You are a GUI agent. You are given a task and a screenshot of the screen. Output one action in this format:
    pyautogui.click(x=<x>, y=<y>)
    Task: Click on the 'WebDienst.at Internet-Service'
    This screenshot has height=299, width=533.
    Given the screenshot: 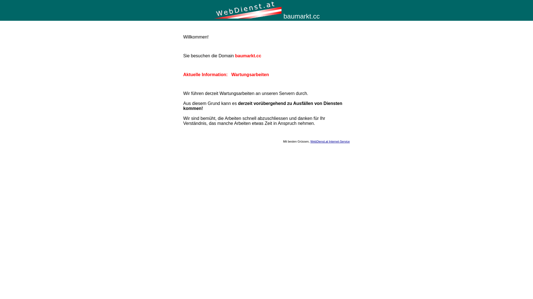 What is the action you would take?
    pyautogui.click(x=330, y=141)
    